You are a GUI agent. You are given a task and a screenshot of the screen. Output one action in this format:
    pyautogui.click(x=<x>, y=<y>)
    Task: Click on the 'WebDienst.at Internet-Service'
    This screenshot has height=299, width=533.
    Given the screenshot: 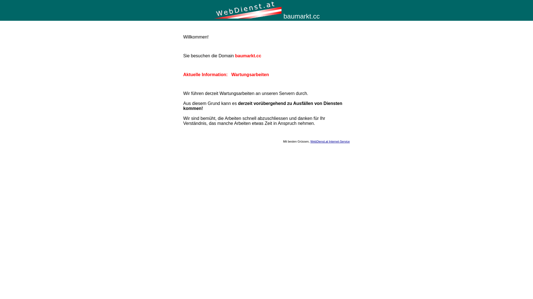 What is the action you would take?
    pyautogui.click(x=330, y=141)
    